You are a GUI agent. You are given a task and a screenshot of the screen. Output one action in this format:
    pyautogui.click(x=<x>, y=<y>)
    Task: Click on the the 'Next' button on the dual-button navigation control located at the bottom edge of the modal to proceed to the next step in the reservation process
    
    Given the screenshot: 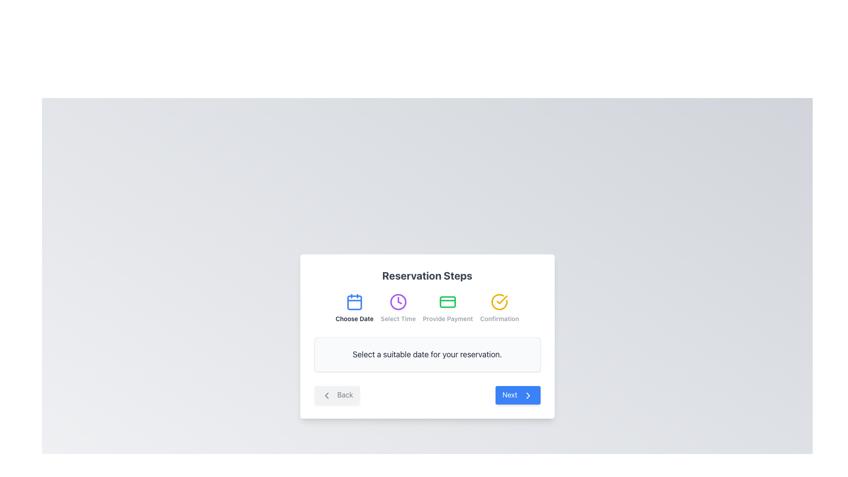 What is the action you would take?
    pyautogui.click(x=427, y=394)
    